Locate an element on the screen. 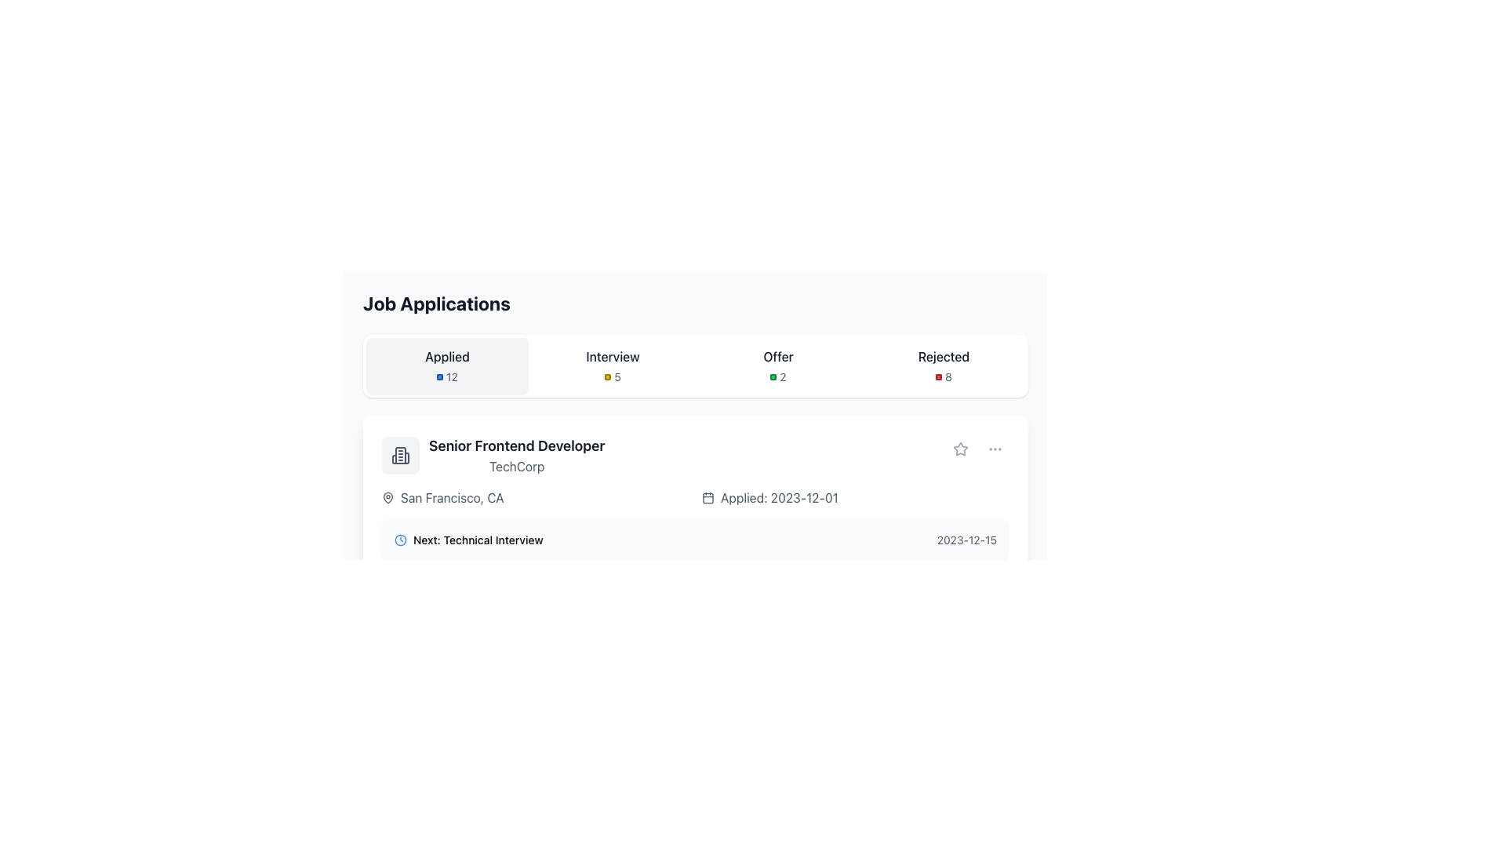 This screenshot has height=847, width=1506. the building icon element located in the job application item cell, which has a gray color and a circular background is located at coordinates (400, 456).